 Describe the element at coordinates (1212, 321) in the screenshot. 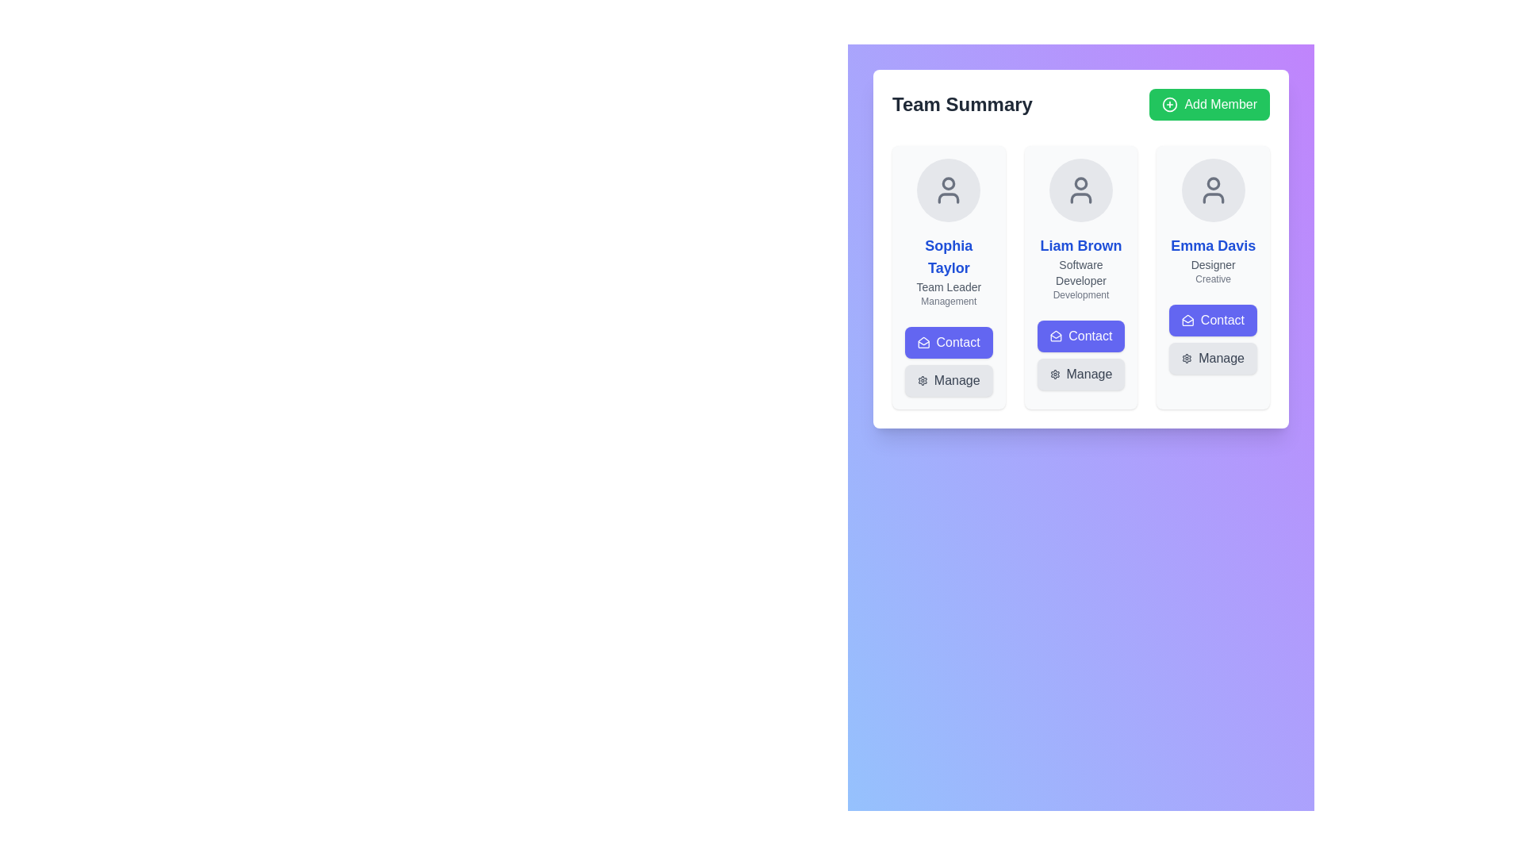

I see `the 'Contact' button with a purple background and white text for 'Emma Davis' to observe the hover effect` at that location.